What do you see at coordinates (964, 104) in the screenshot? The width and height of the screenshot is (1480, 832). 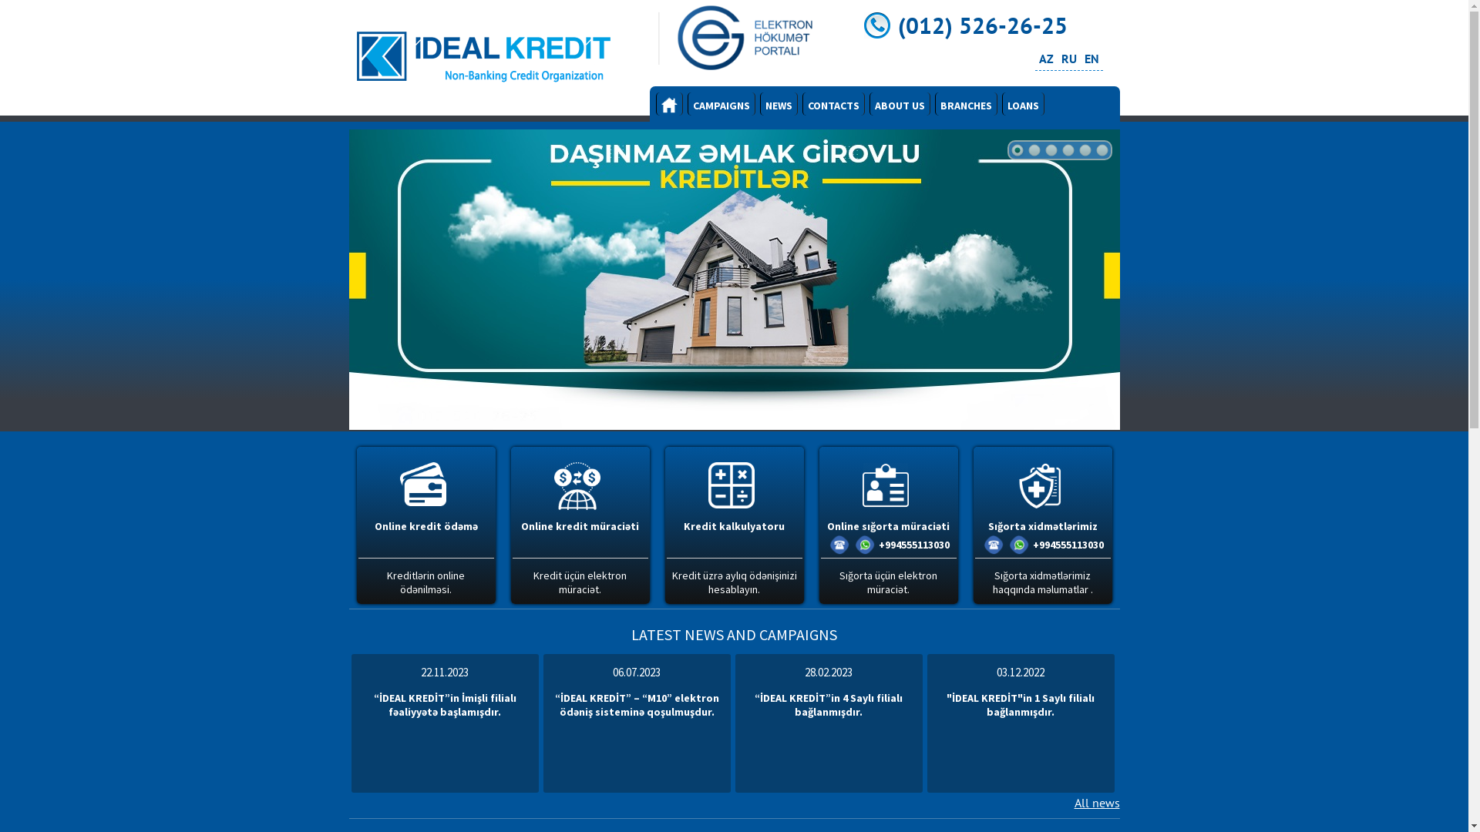 I see `'BRANCHES'` at bounding box center [964, 104].